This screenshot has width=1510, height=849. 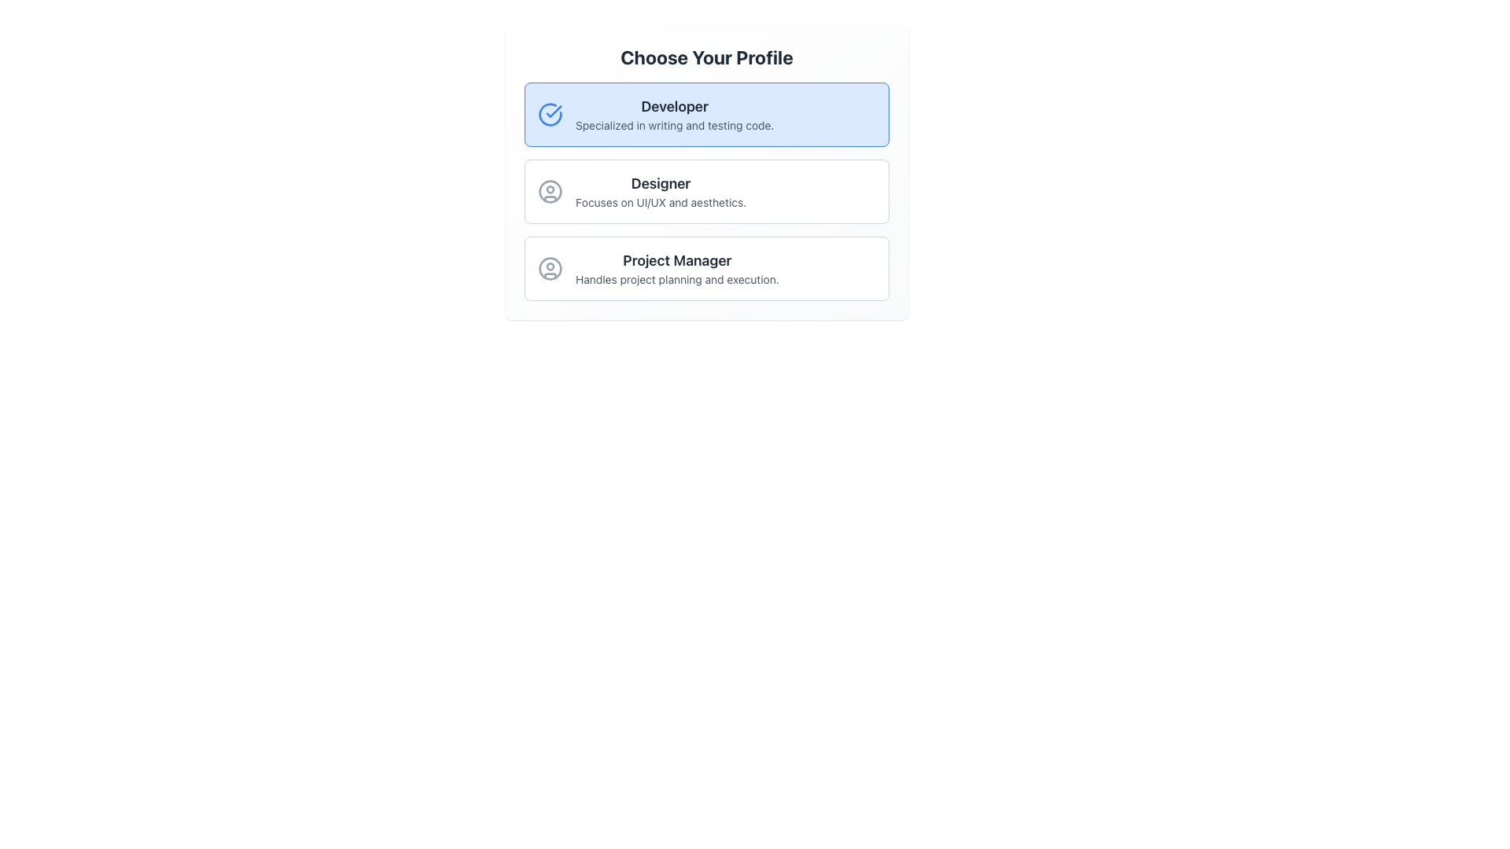 I want to click on text 'Developer' from the text label that identifies the selected profile choice in the user profile selection interface, so click(x=675, y=106).